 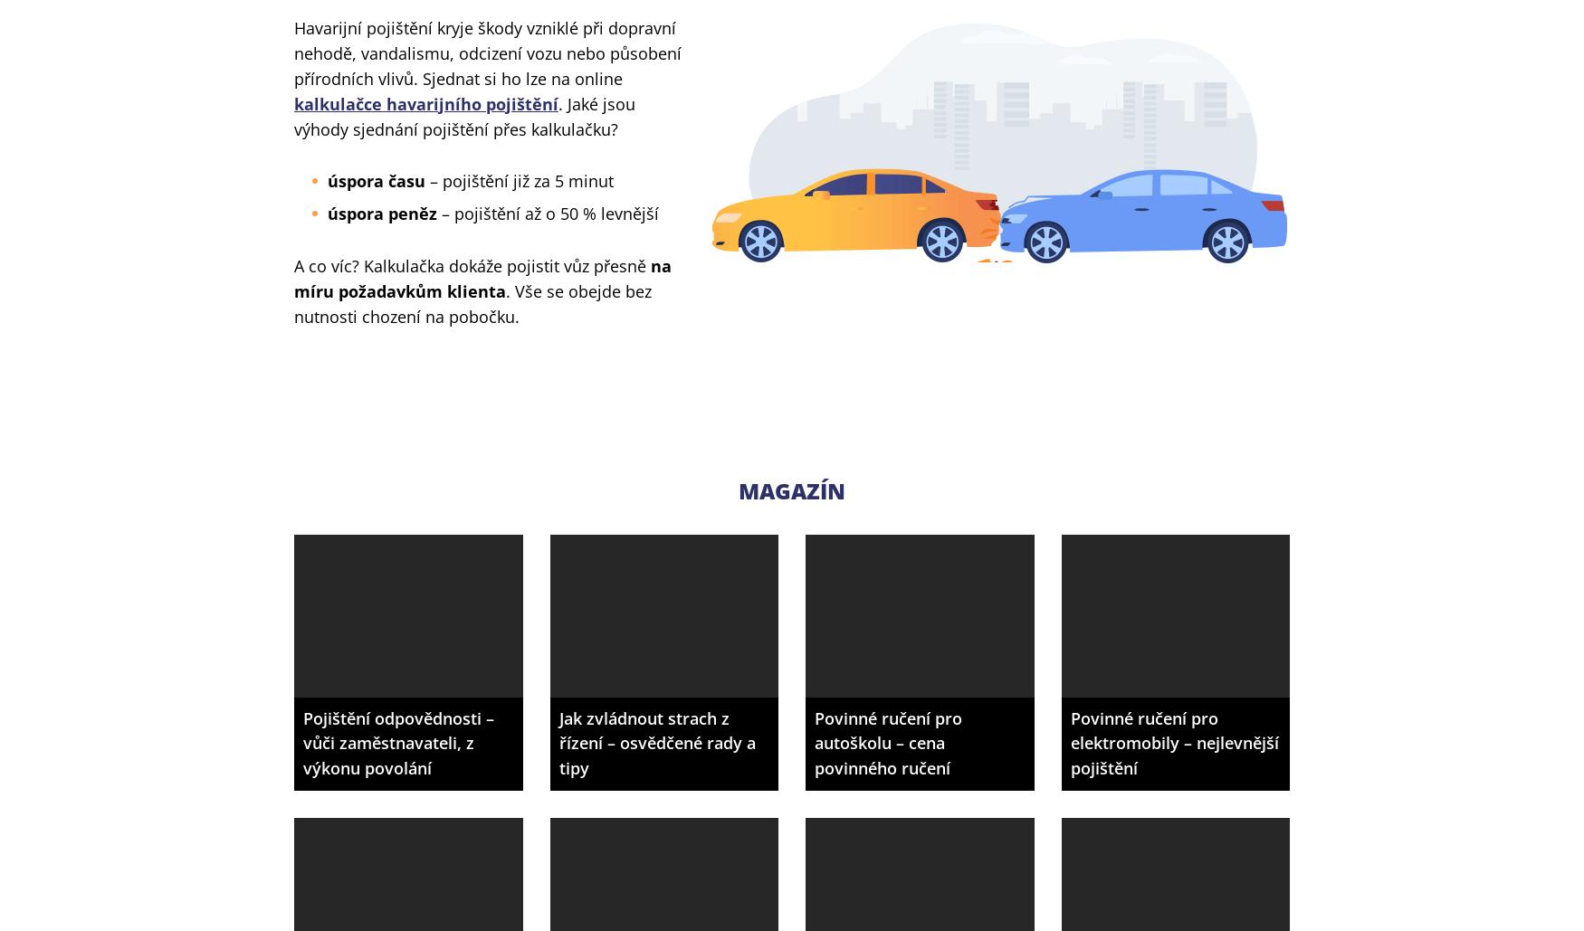 I want to click on '– pojištění až o 50 % levnější', so click(x=548, y=212).